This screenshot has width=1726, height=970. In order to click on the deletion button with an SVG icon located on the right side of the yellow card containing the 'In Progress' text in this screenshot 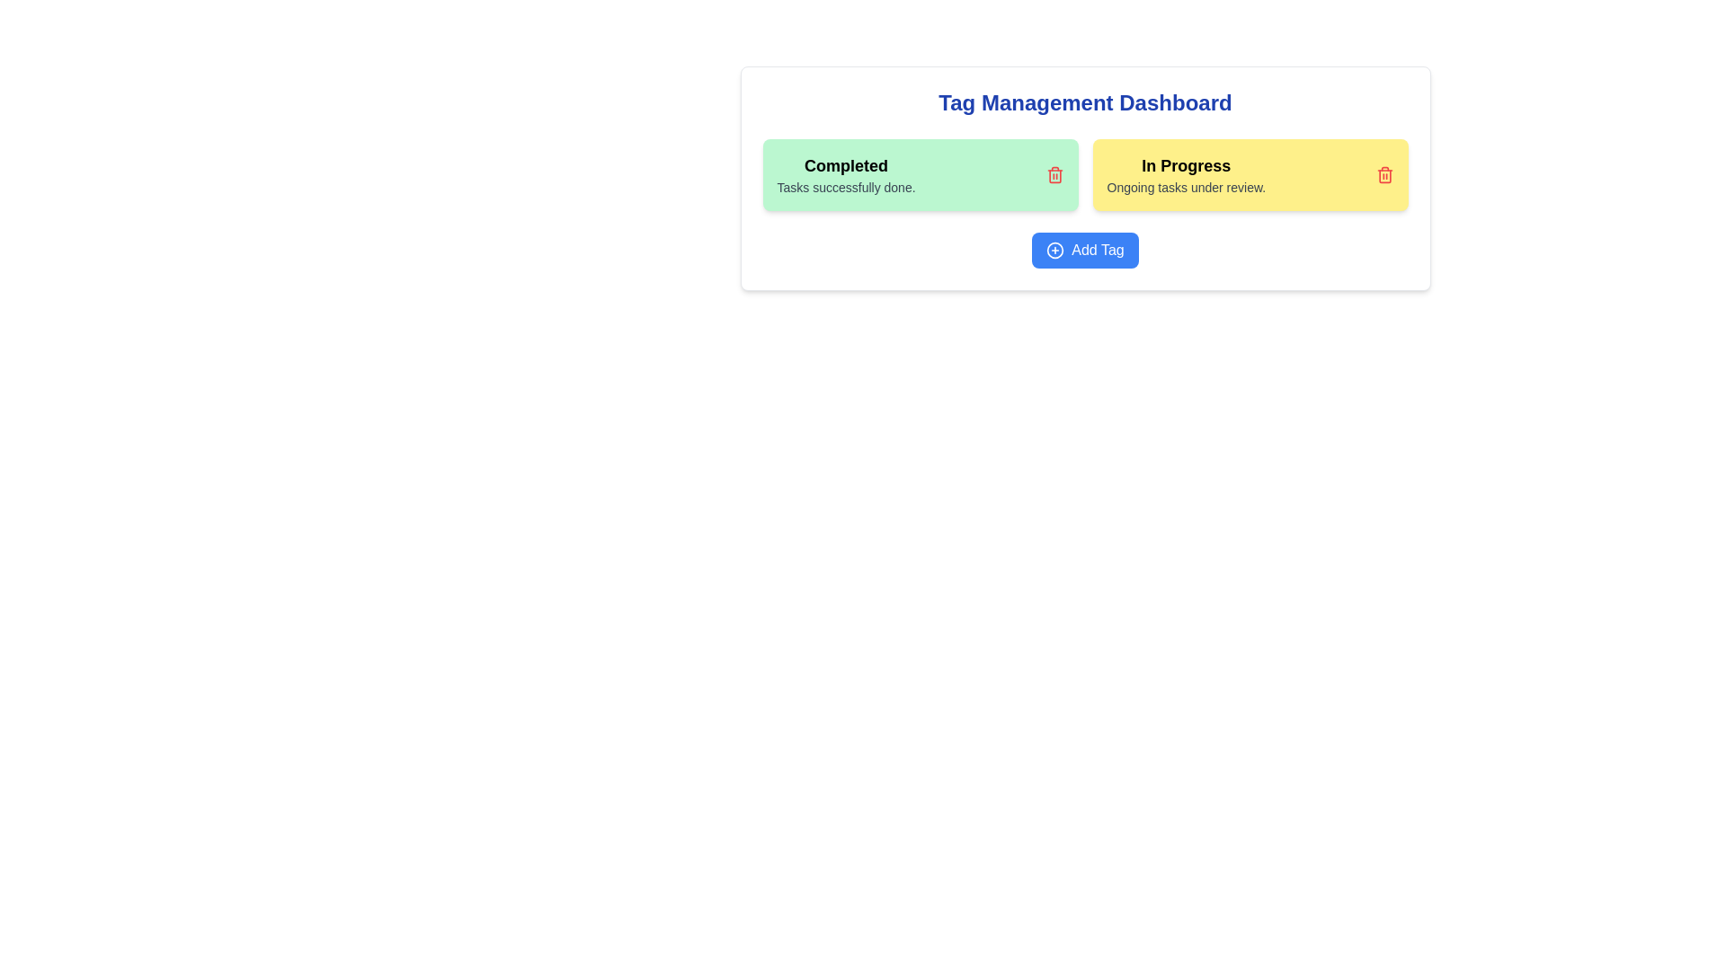, I will do `click(1383, 175)`.